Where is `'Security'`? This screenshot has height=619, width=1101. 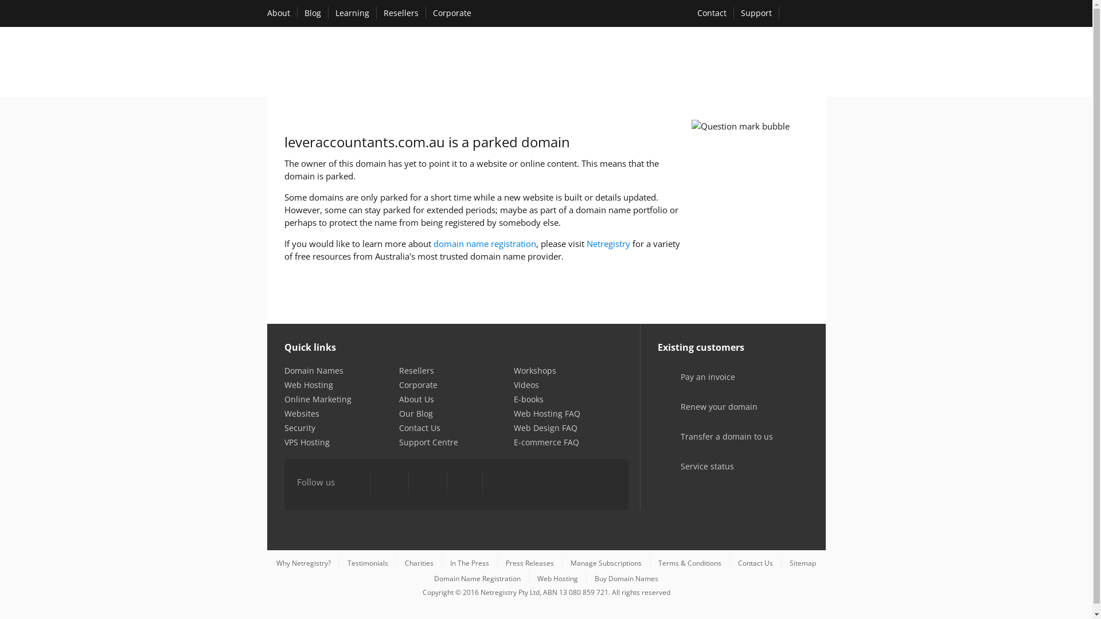
'Security' is located at coordinates (300, 428).